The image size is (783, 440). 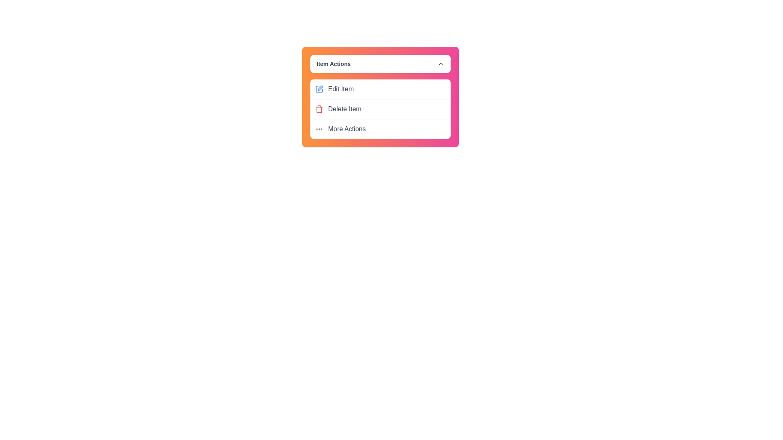 I want to click on the 'Item Actions' button to toggle the menu visibility, so click(x=380, y=64).